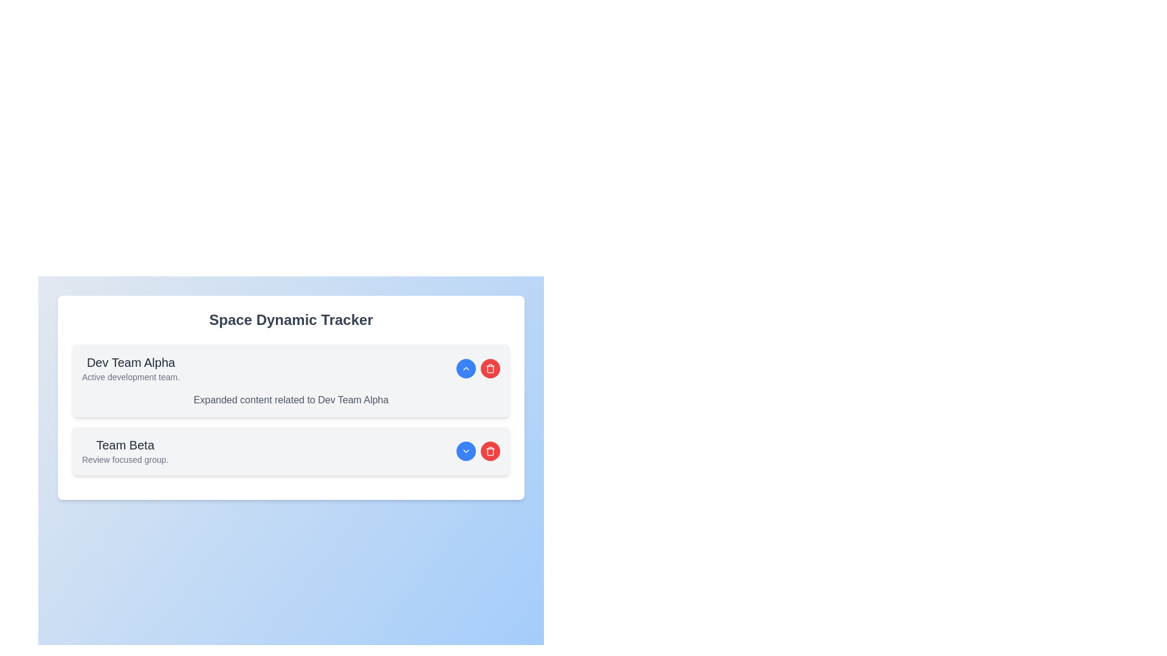 This screenshot has height=656, width=1167. Describe the element at coordinates (490, 367) in the screenshot. I see `the circular red button with a trash can icon for accessibility, located near the top-right corner of the 'Dev Team Alpha' group` at that location.